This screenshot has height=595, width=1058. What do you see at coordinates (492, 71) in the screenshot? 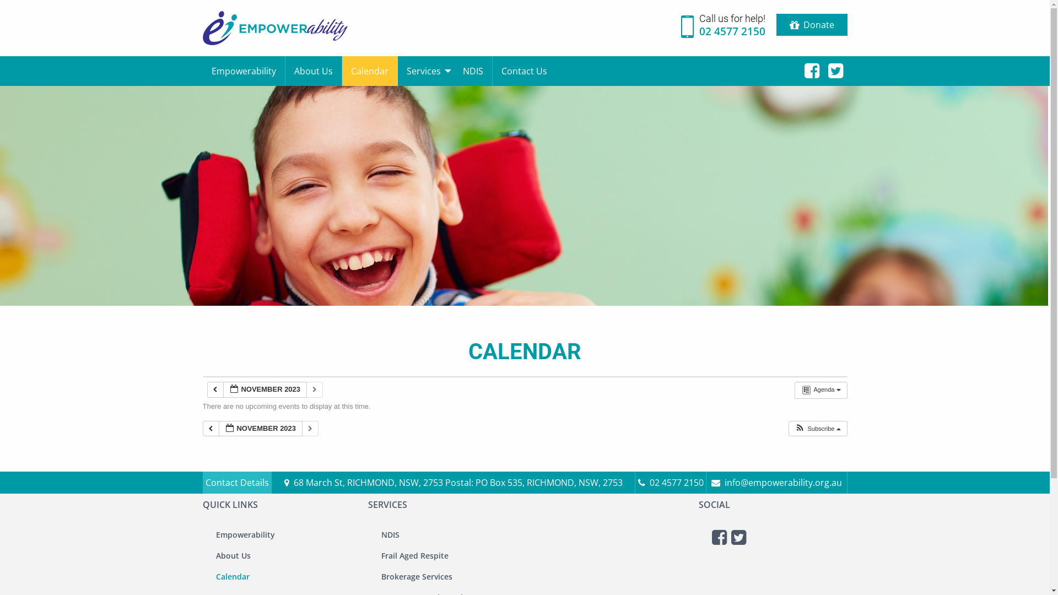
I see `'Contact Us'` at bounding box center [492, 71].